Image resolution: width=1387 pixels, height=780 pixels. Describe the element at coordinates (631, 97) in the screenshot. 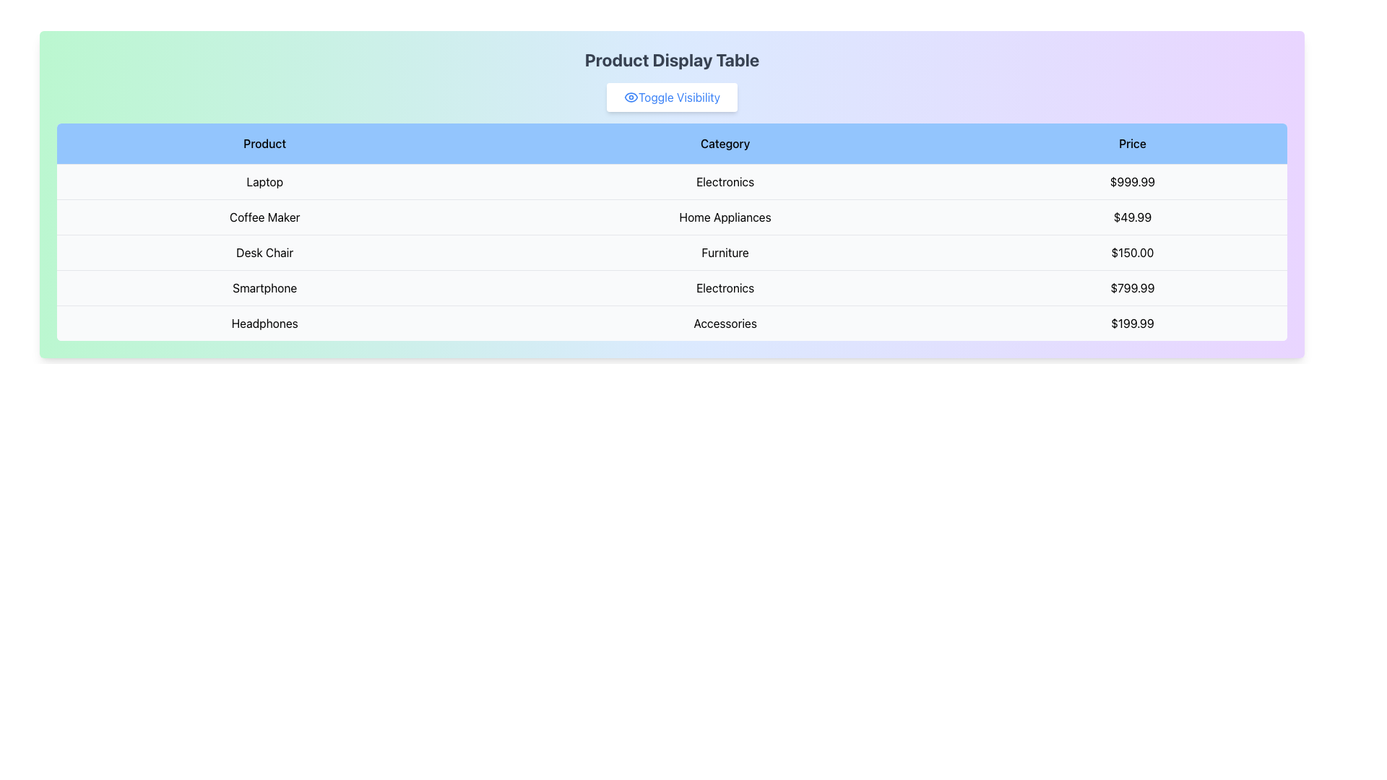

I see `the eye icon within the 'Toggle Visibility' button, which is styled in blue and positioned above the product data table` at that location.